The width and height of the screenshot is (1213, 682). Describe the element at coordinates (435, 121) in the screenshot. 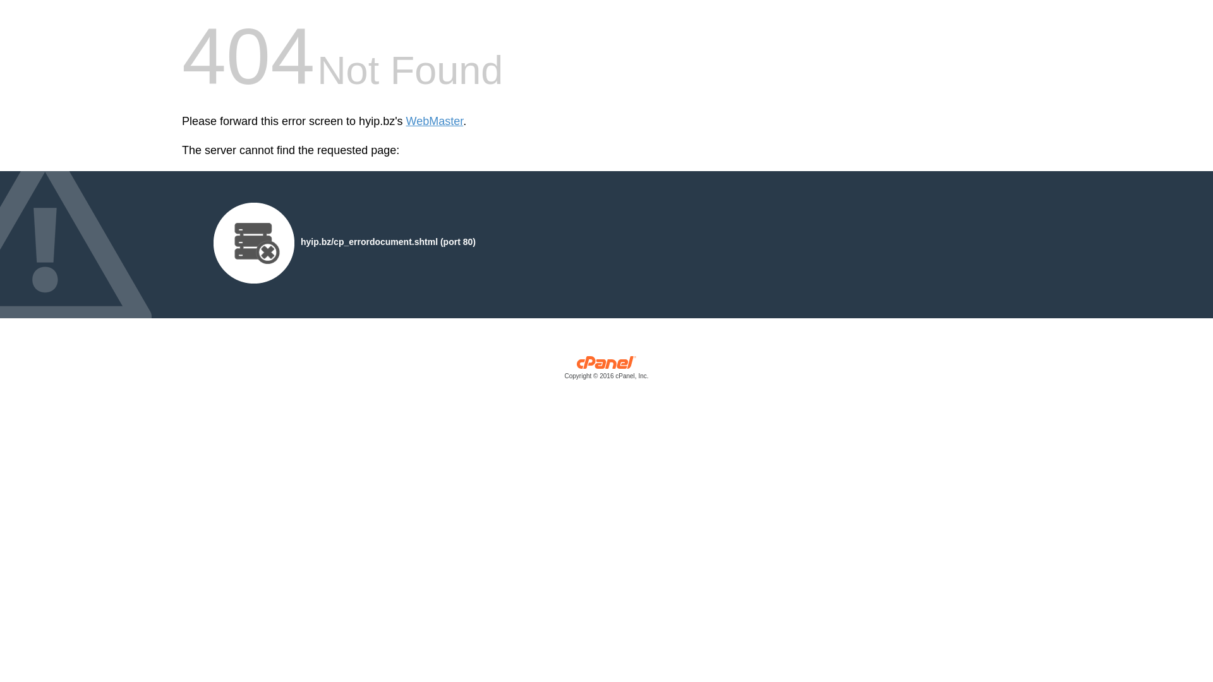

I see `'WebMaster'` at that location.